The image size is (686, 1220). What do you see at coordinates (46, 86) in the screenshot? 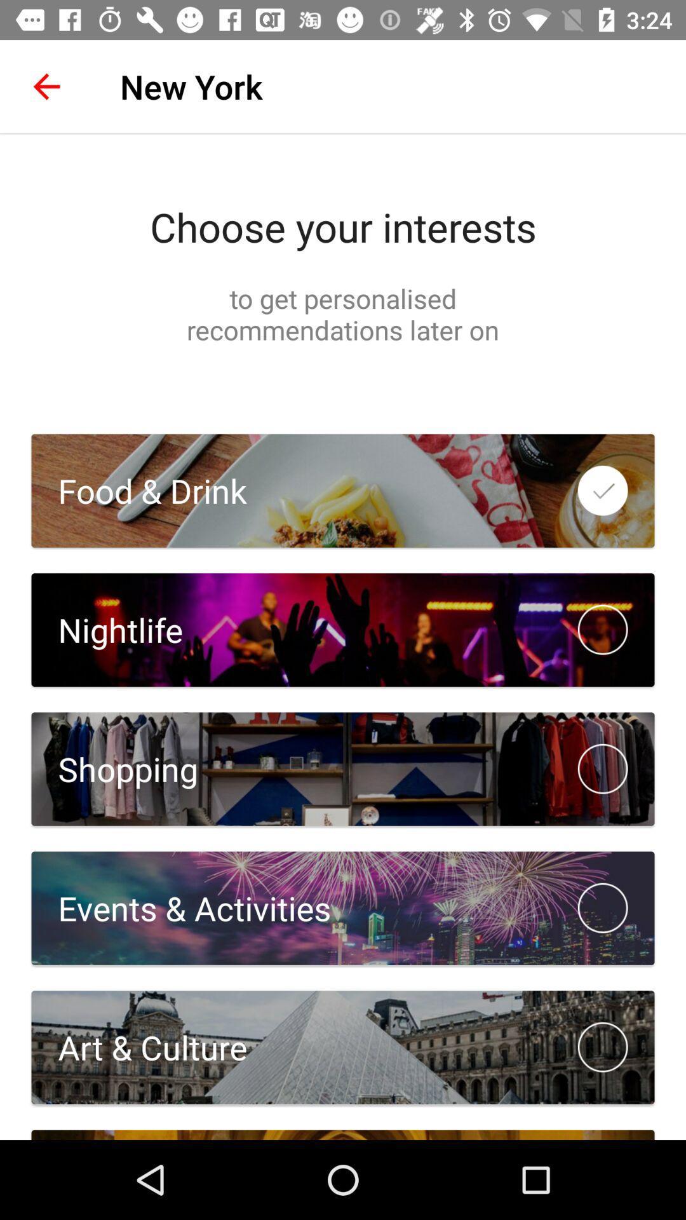
I see `icon next to the new york` at bounding box center [46, 86].